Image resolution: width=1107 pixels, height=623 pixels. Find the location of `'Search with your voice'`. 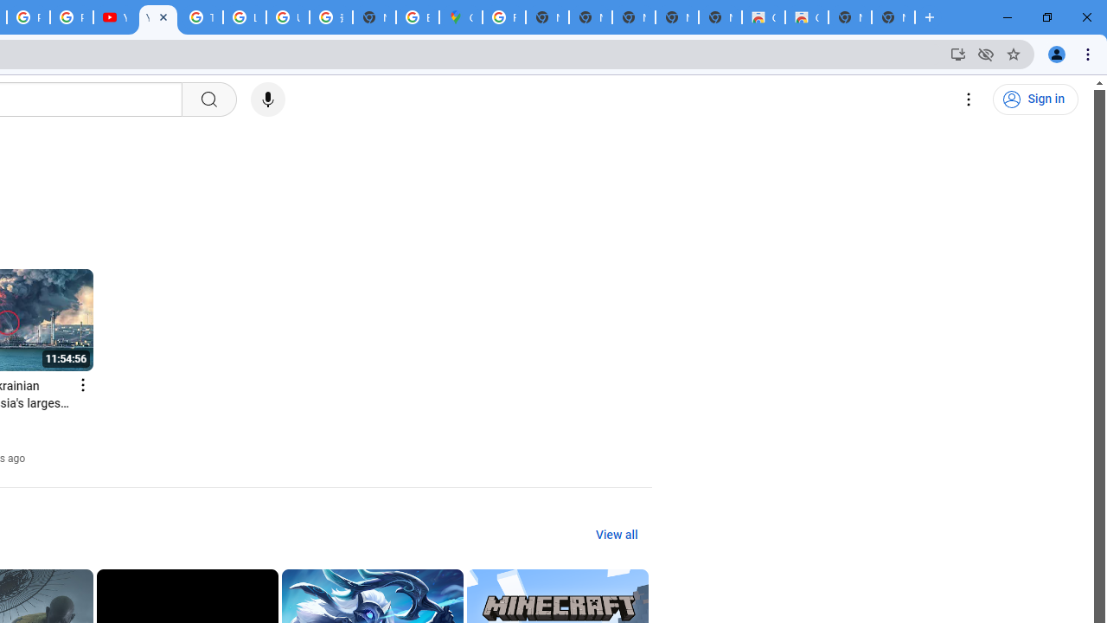

'Search with your voice' is located at coordinates (266, 100).